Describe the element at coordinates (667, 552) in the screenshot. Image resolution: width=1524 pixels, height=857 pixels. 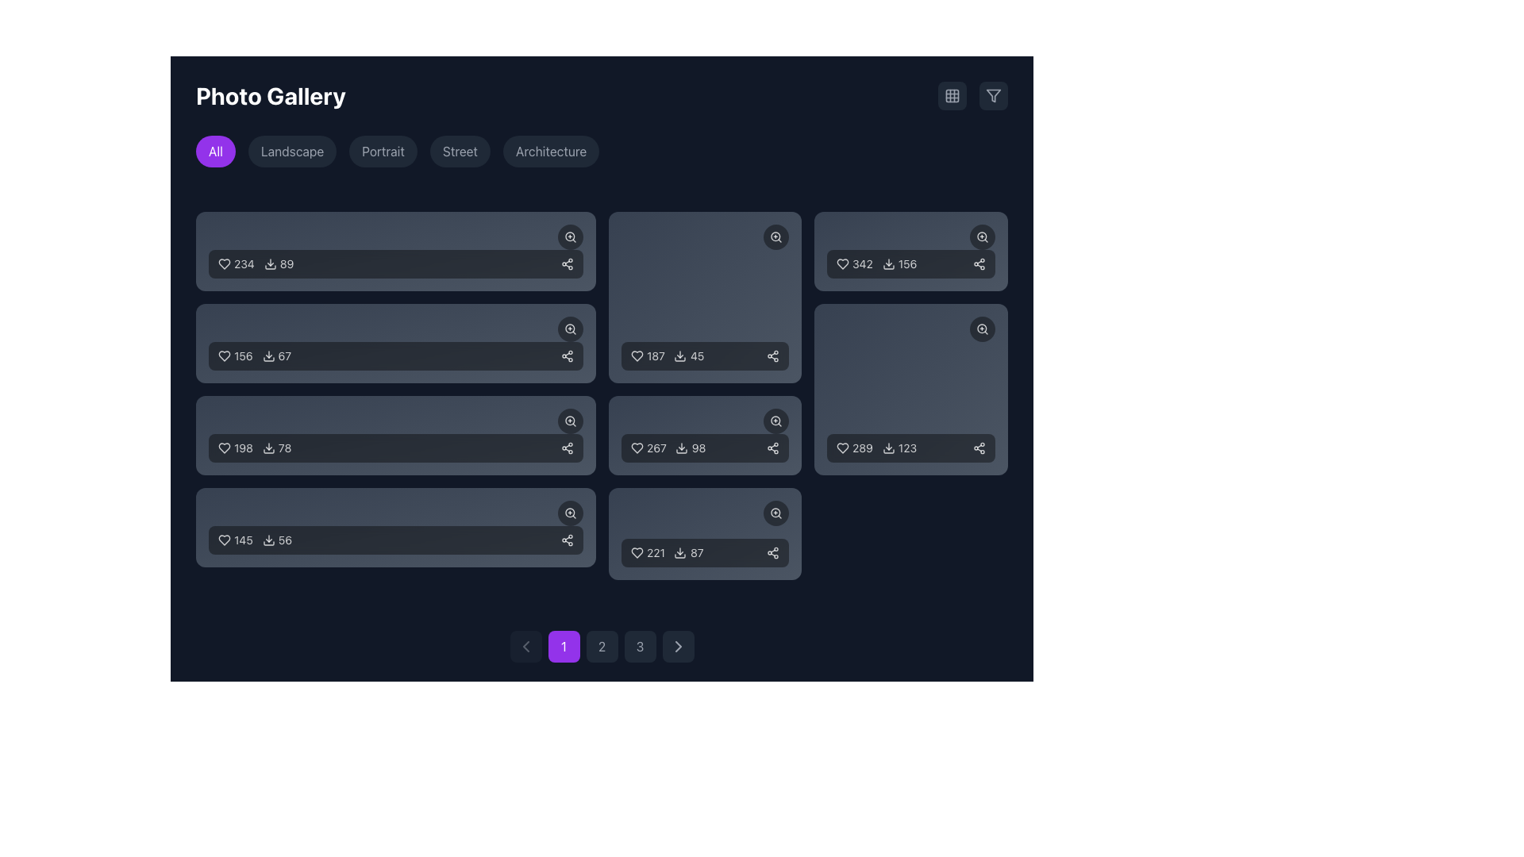
I see `the download icon in the rightmost tile of the Metric display component` at that location.